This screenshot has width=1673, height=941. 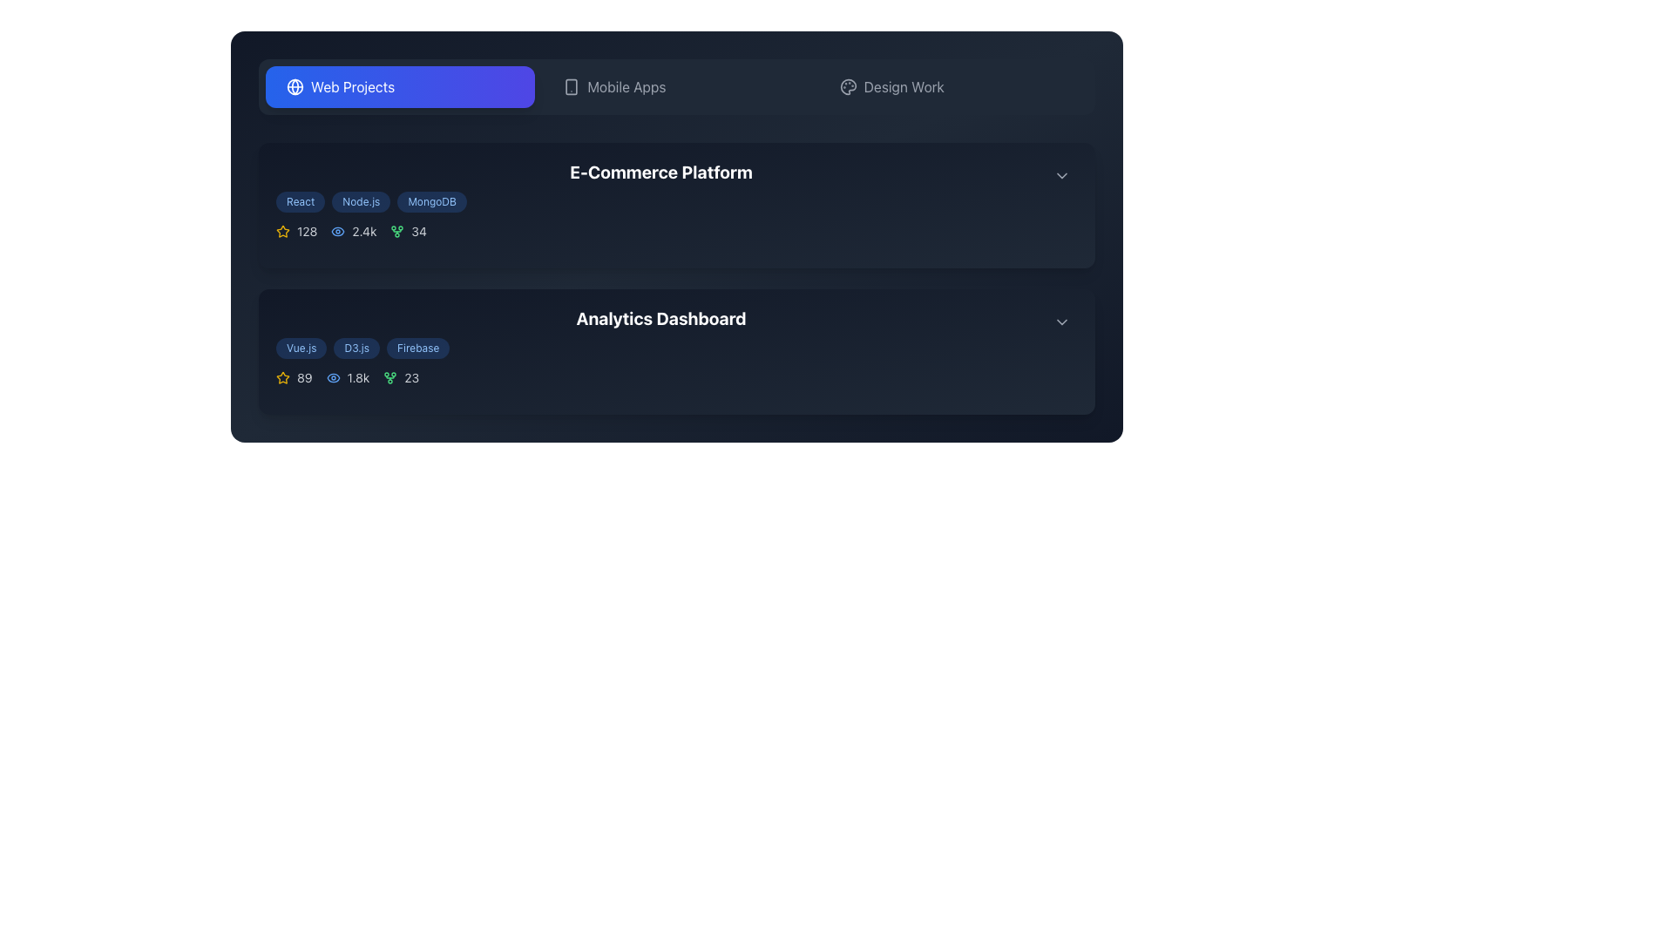 I want to click on the painter's palette icon located in the 'Design Work' section of the menu bar, so click(x=848, y=87).